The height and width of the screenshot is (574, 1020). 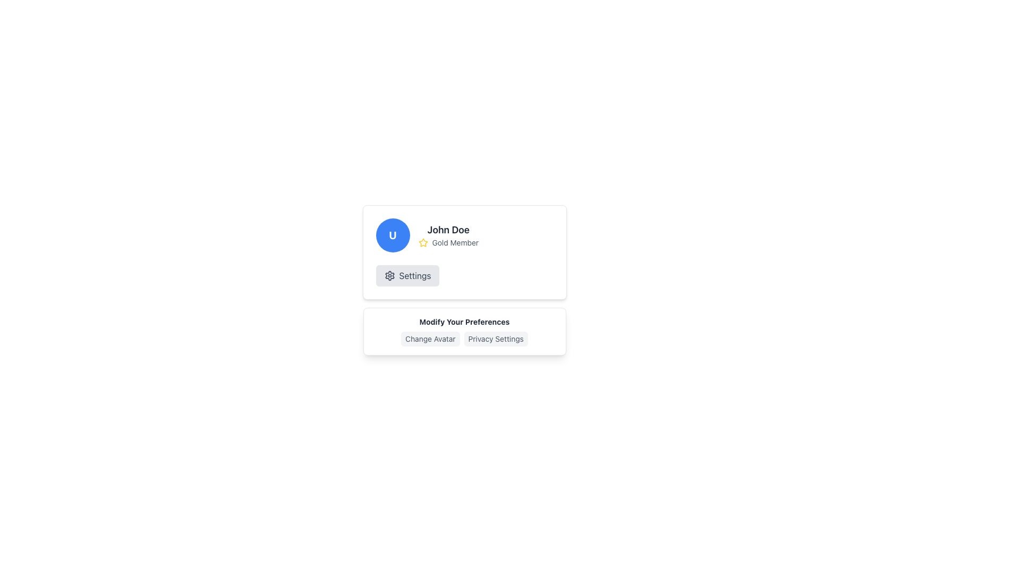 I want to click on the 'Gold Member' text label, which is styled in small gray font and positioned next to a yellow star icon, located below the name 'John Doe', so click(x=455, y=242).